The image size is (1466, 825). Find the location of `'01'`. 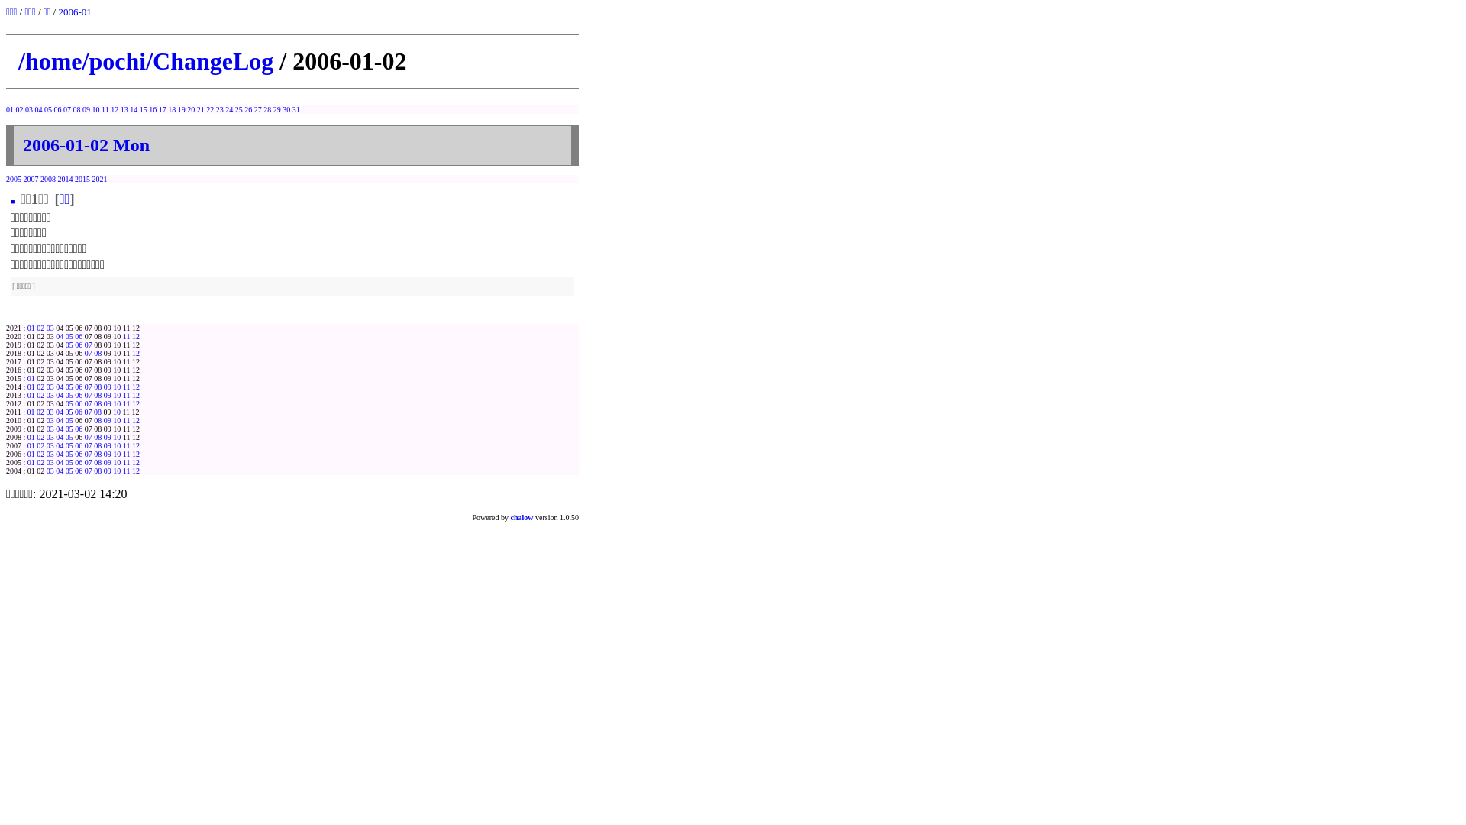

'01' is located at coordinates (27, 394).